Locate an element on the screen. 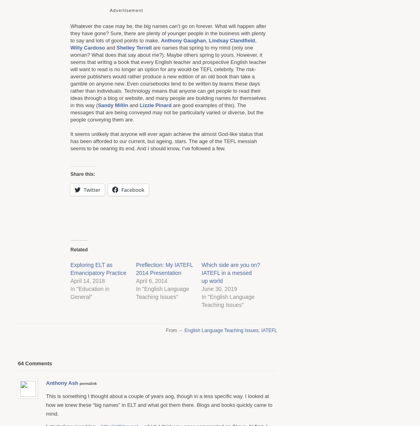 This screenshot has height=426, width=420. 'Shelley Terrell' is located at coordinates (134, 47).